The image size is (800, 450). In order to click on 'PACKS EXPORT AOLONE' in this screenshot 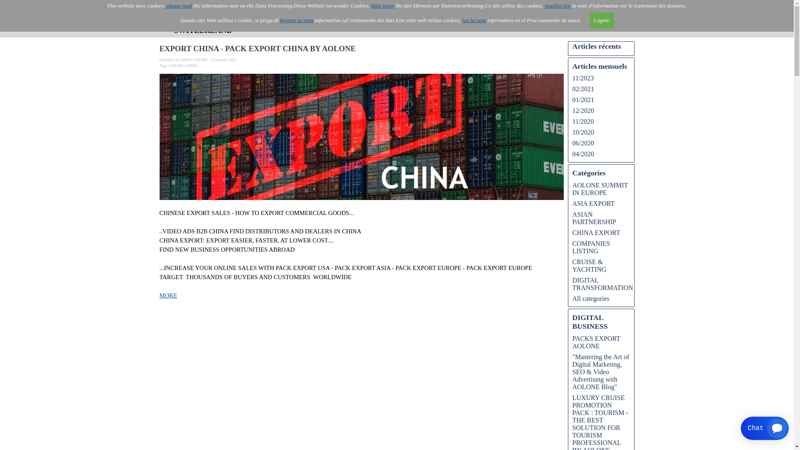, I will do `click(572, 342)`.